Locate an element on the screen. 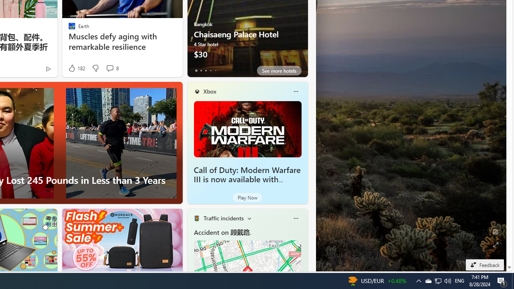 Image resolution: width=514 pixels, height=289 pixels. 'tab-3' is located at coordinates (210, 70).